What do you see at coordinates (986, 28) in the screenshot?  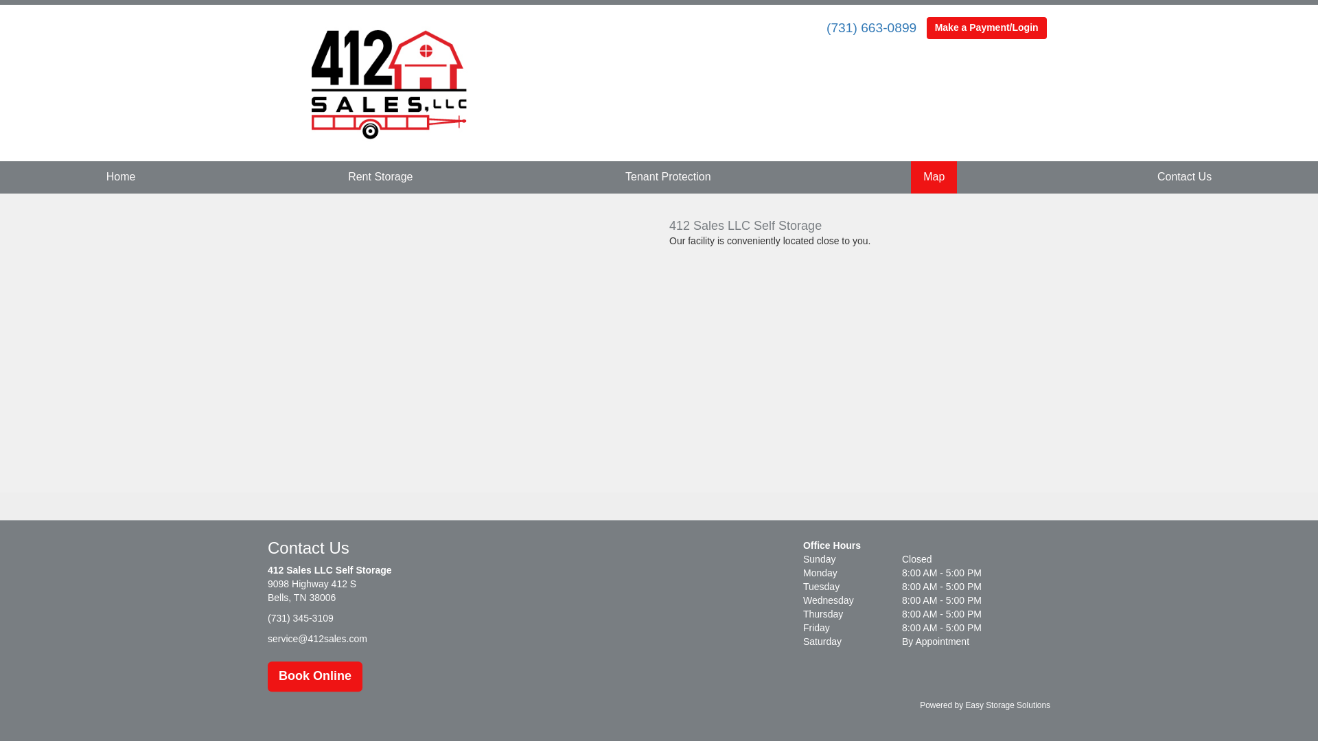 I see `'Make a Payment/Login'` at bounding box center [986, 28].